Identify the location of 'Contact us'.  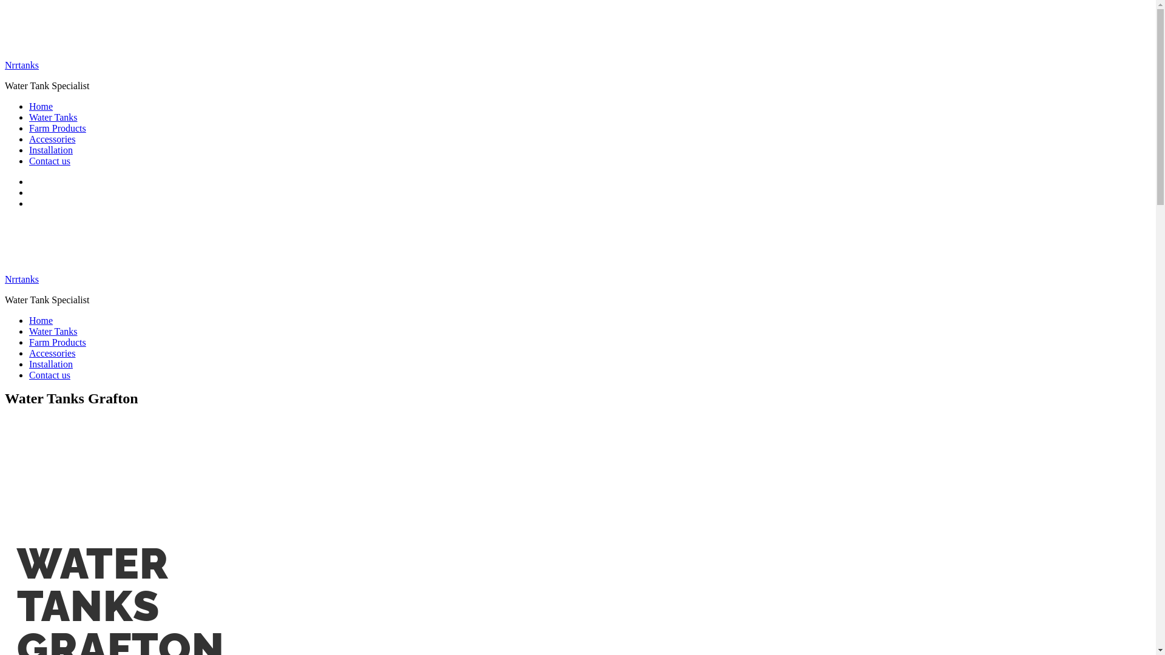
(49, 160).